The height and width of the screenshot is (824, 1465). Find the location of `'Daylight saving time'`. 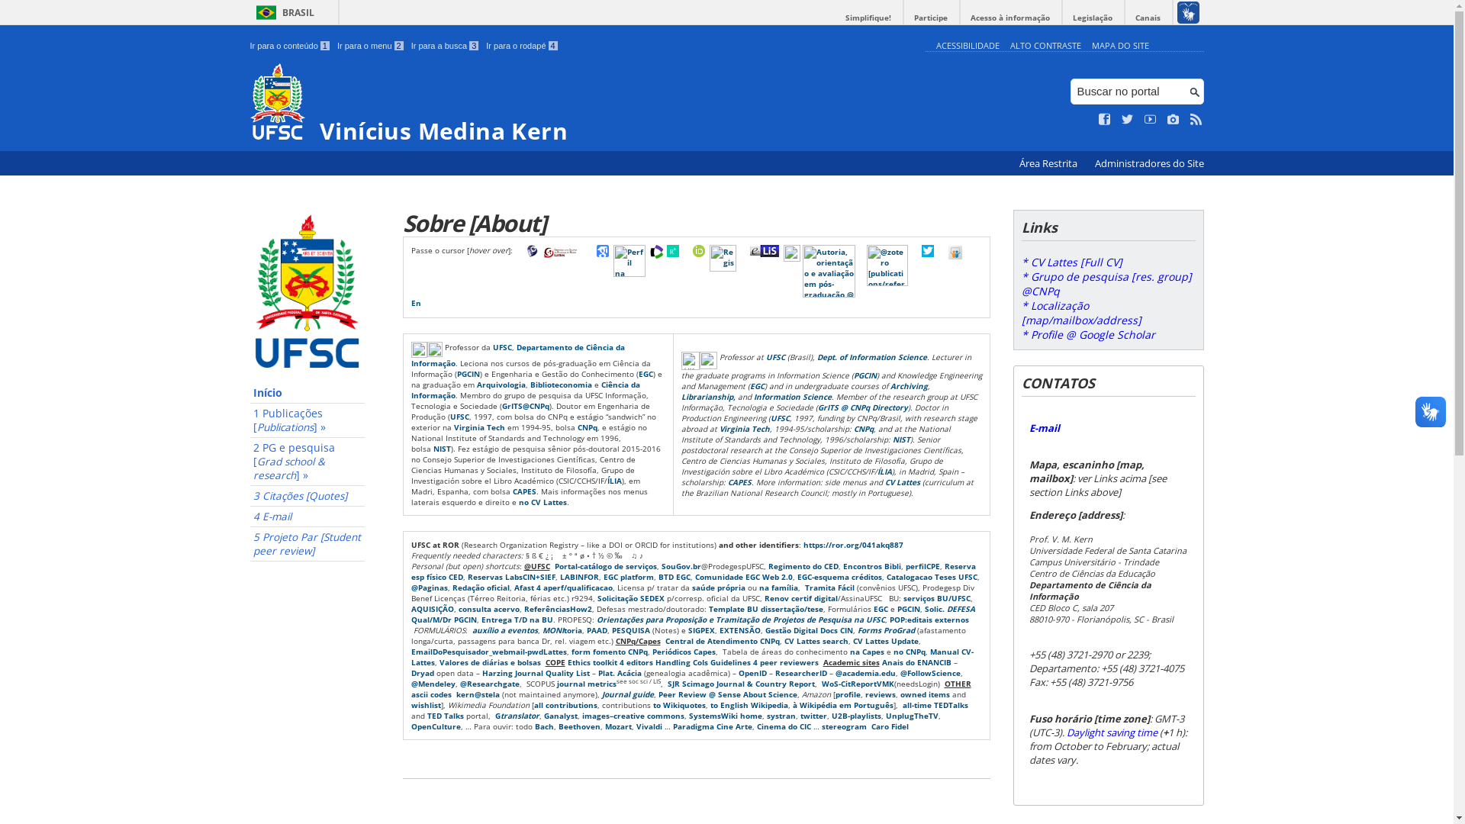

'Daylight saving time' is located at coordinates (1112, 732).